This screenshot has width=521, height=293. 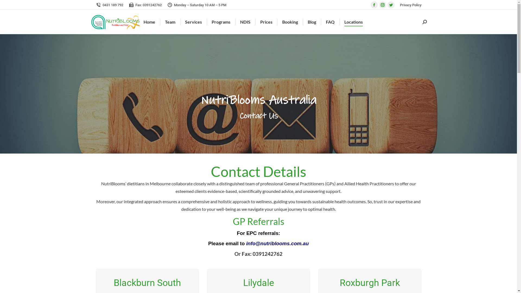 What do you see at coordinates (382, 5) in the screenshot?
I see `'Instagram page opens in new window'` at bounding box center [382, 5].